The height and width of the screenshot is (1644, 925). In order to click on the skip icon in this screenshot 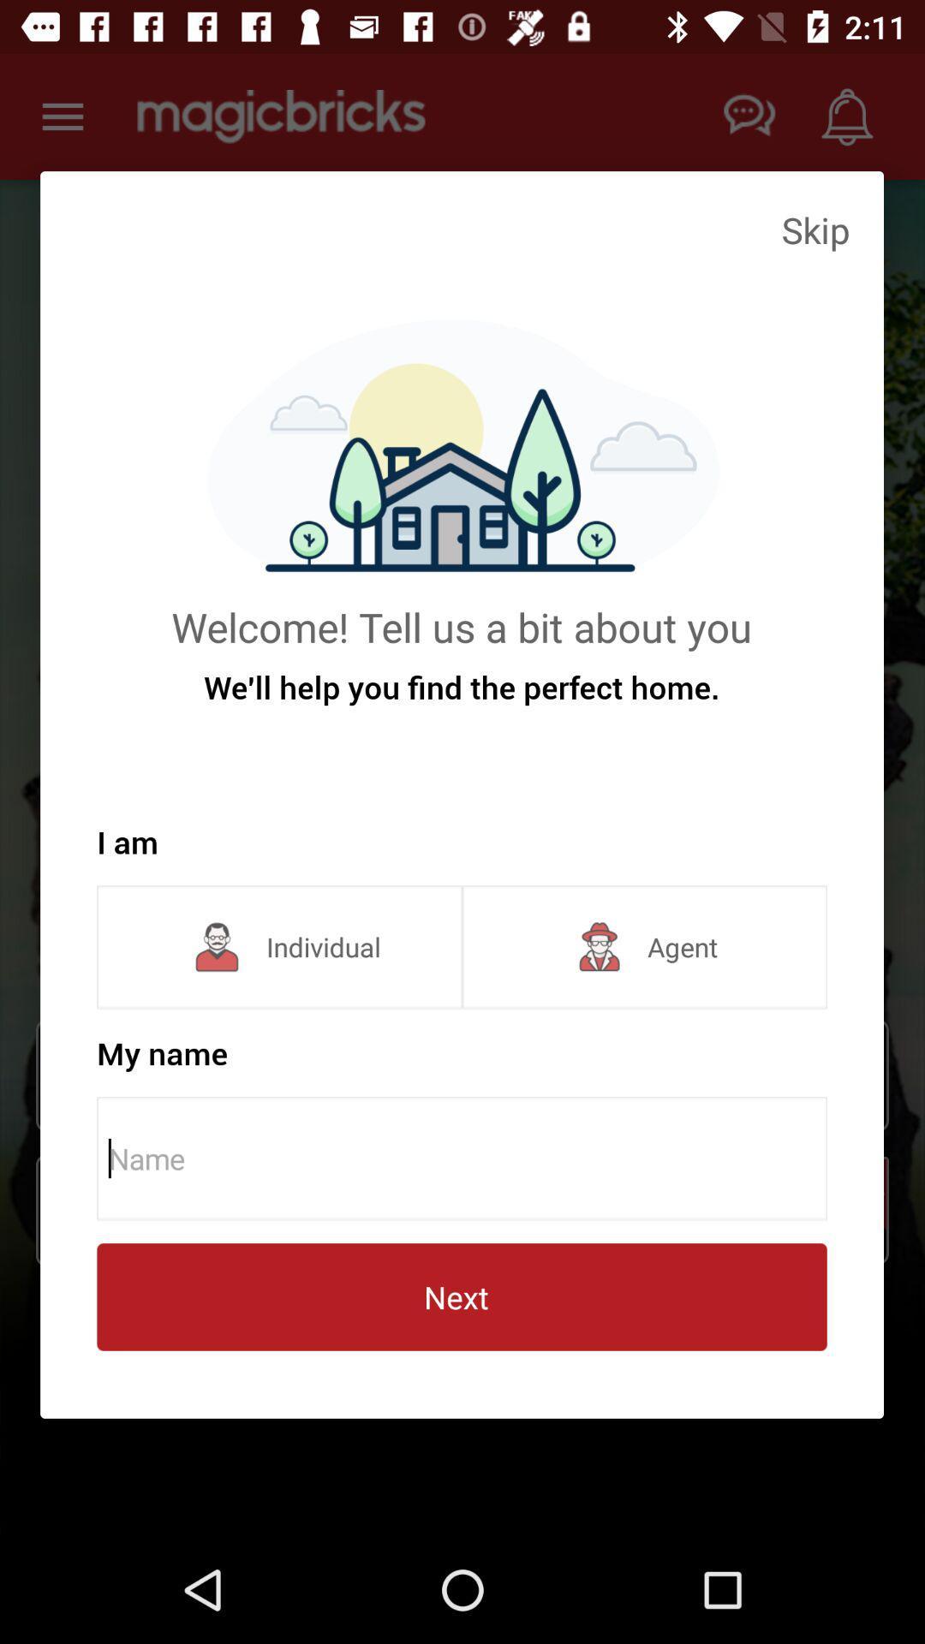, I will do `click(815, 229)`.